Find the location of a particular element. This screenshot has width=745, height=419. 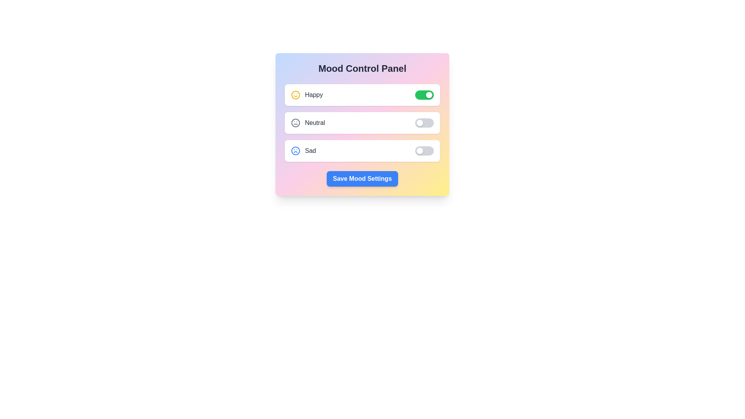

the 'Save Mood Settings' button is located at coordinates (362, 179).